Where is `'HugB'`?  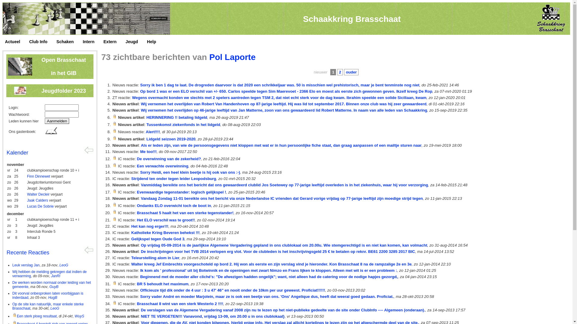
'HugB' is located at coordinates (52, 297).